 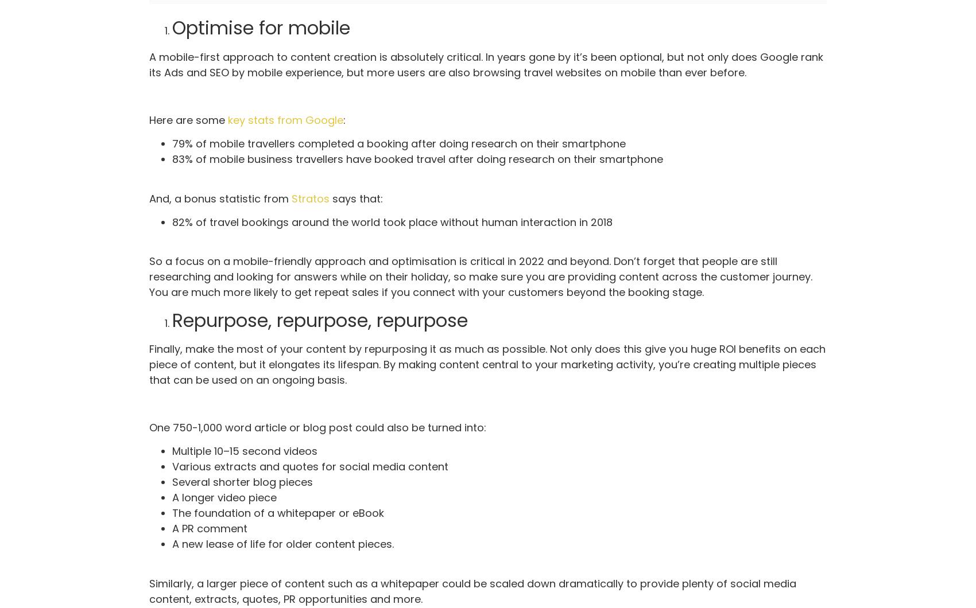 I want to click on 'Optimise for mobile', so click(x=261, y=28).